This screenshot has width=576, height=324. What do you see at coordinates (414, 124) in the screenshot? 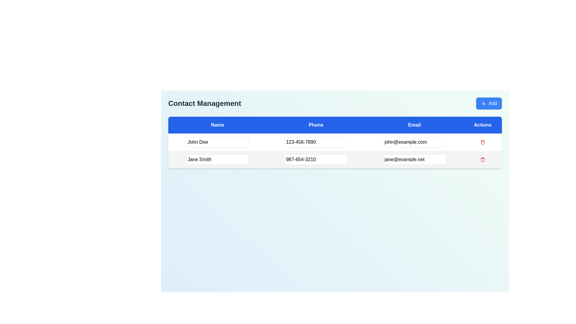
I see `the email addresses column header in the table, which is the third header in a row, located between the 'Phone' and 'Actions' headers` at bounding box center [414, 124].